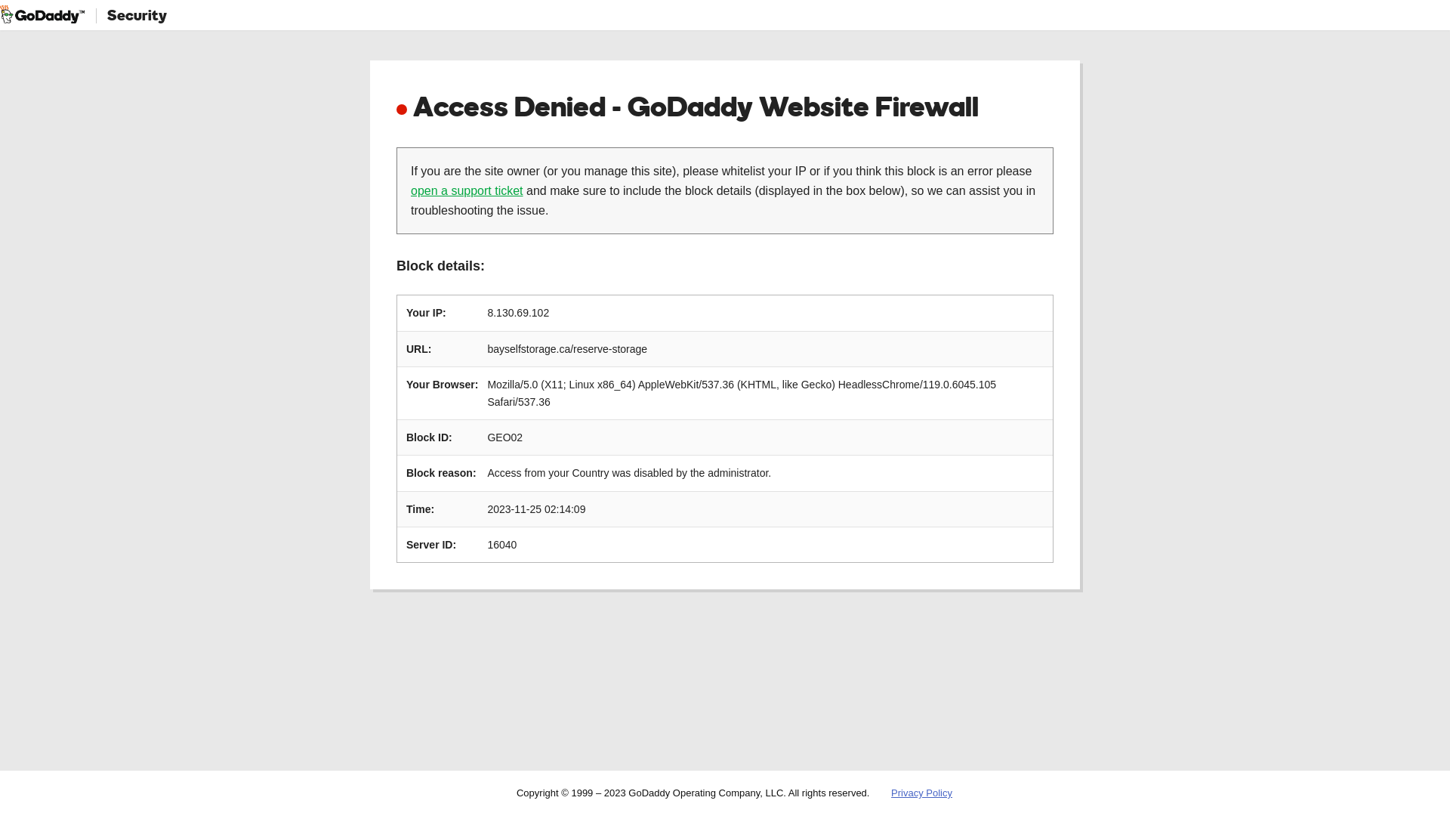 This screenshot has width=1450, height=816. What do you see at coordinates (410, 190) in the screenshot?
I see `'open a support ticket'` at bounding box center [410, 190].